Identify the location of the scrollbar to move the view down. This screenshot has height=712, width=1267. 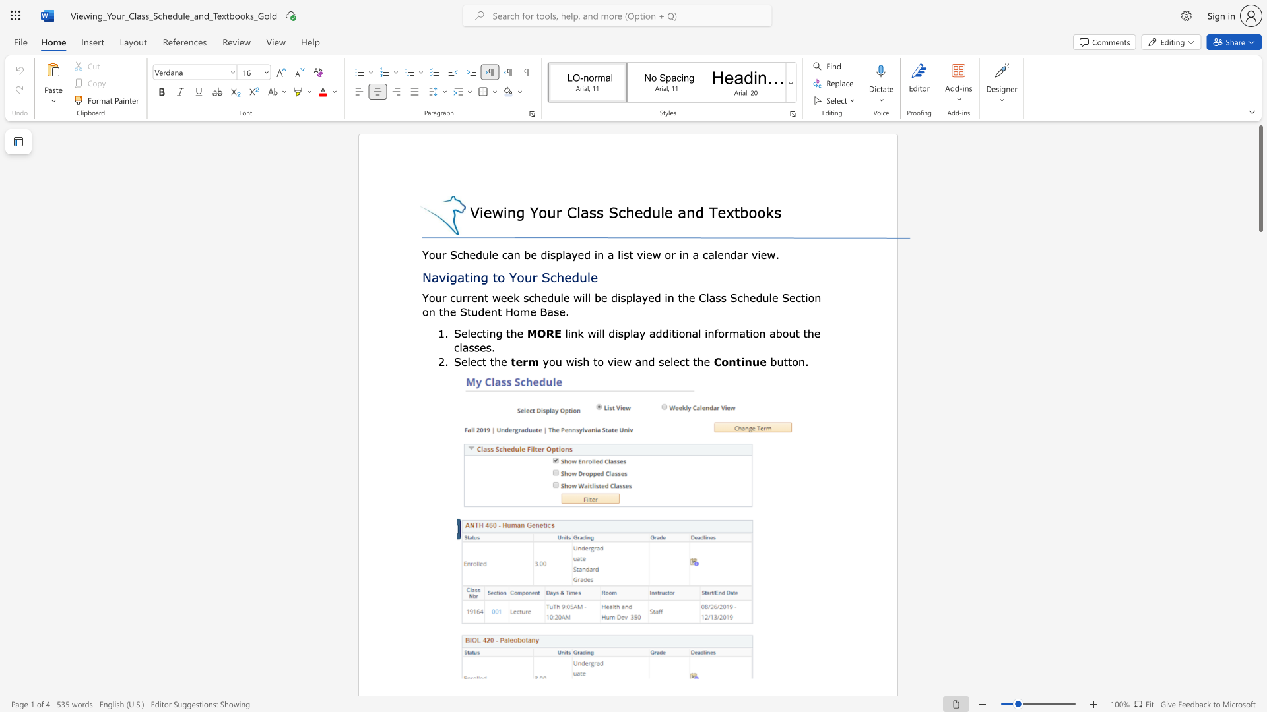
(1260, 382).